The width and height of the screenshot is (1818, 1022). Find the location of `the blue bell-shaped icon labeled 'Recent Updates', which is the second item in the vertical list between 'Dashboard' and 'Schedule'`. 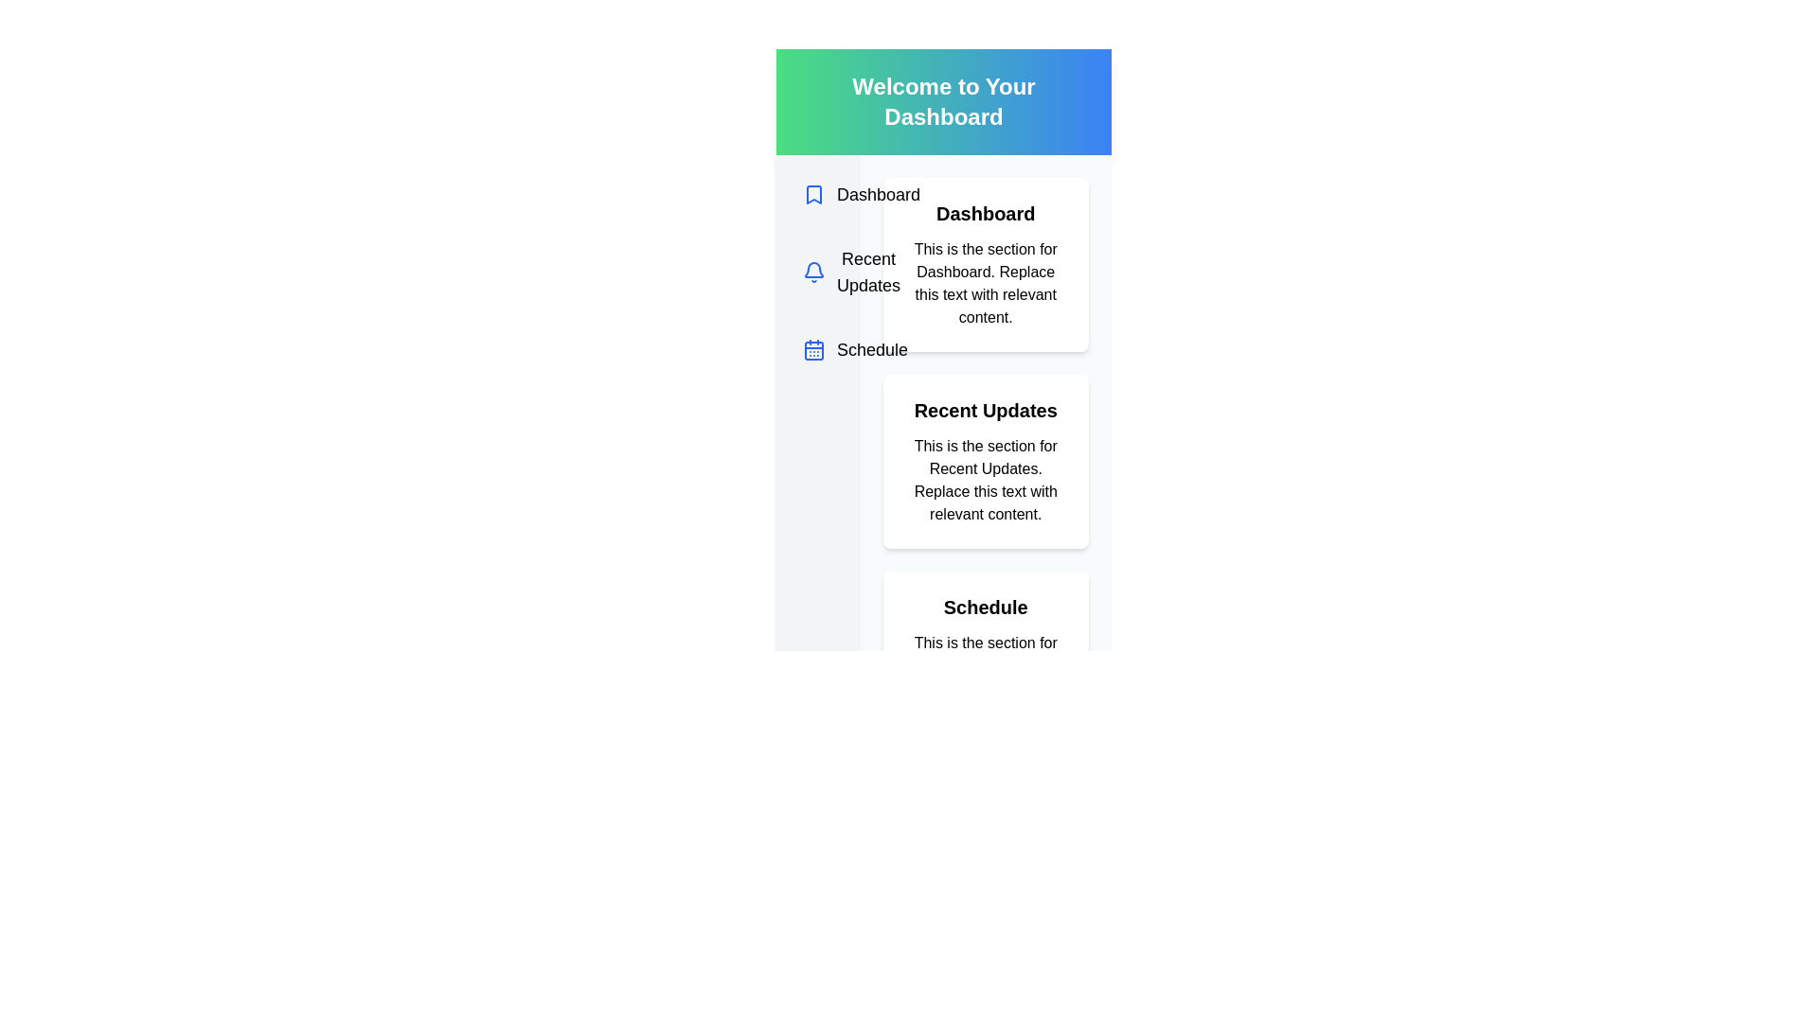

the blue bell-shaped icon labeled 'Recent Updates', which is the second item in the vertical list between 'Dashboard' and 'Schedule' is located at coordinates (818, 273).